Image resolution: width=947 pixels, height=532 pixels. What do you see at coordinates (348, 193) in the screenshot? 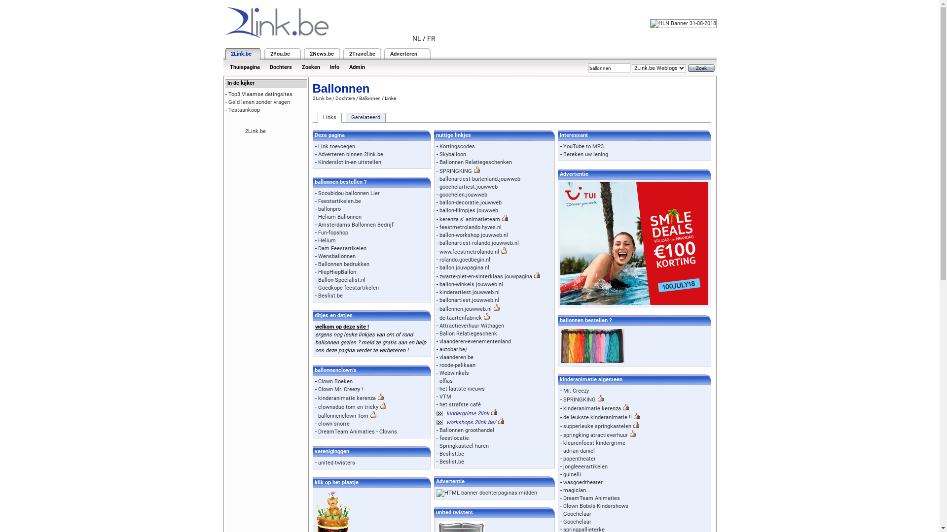
I see `'Scoubidou ballonnen Lier'` at bounding box center [348, 193].